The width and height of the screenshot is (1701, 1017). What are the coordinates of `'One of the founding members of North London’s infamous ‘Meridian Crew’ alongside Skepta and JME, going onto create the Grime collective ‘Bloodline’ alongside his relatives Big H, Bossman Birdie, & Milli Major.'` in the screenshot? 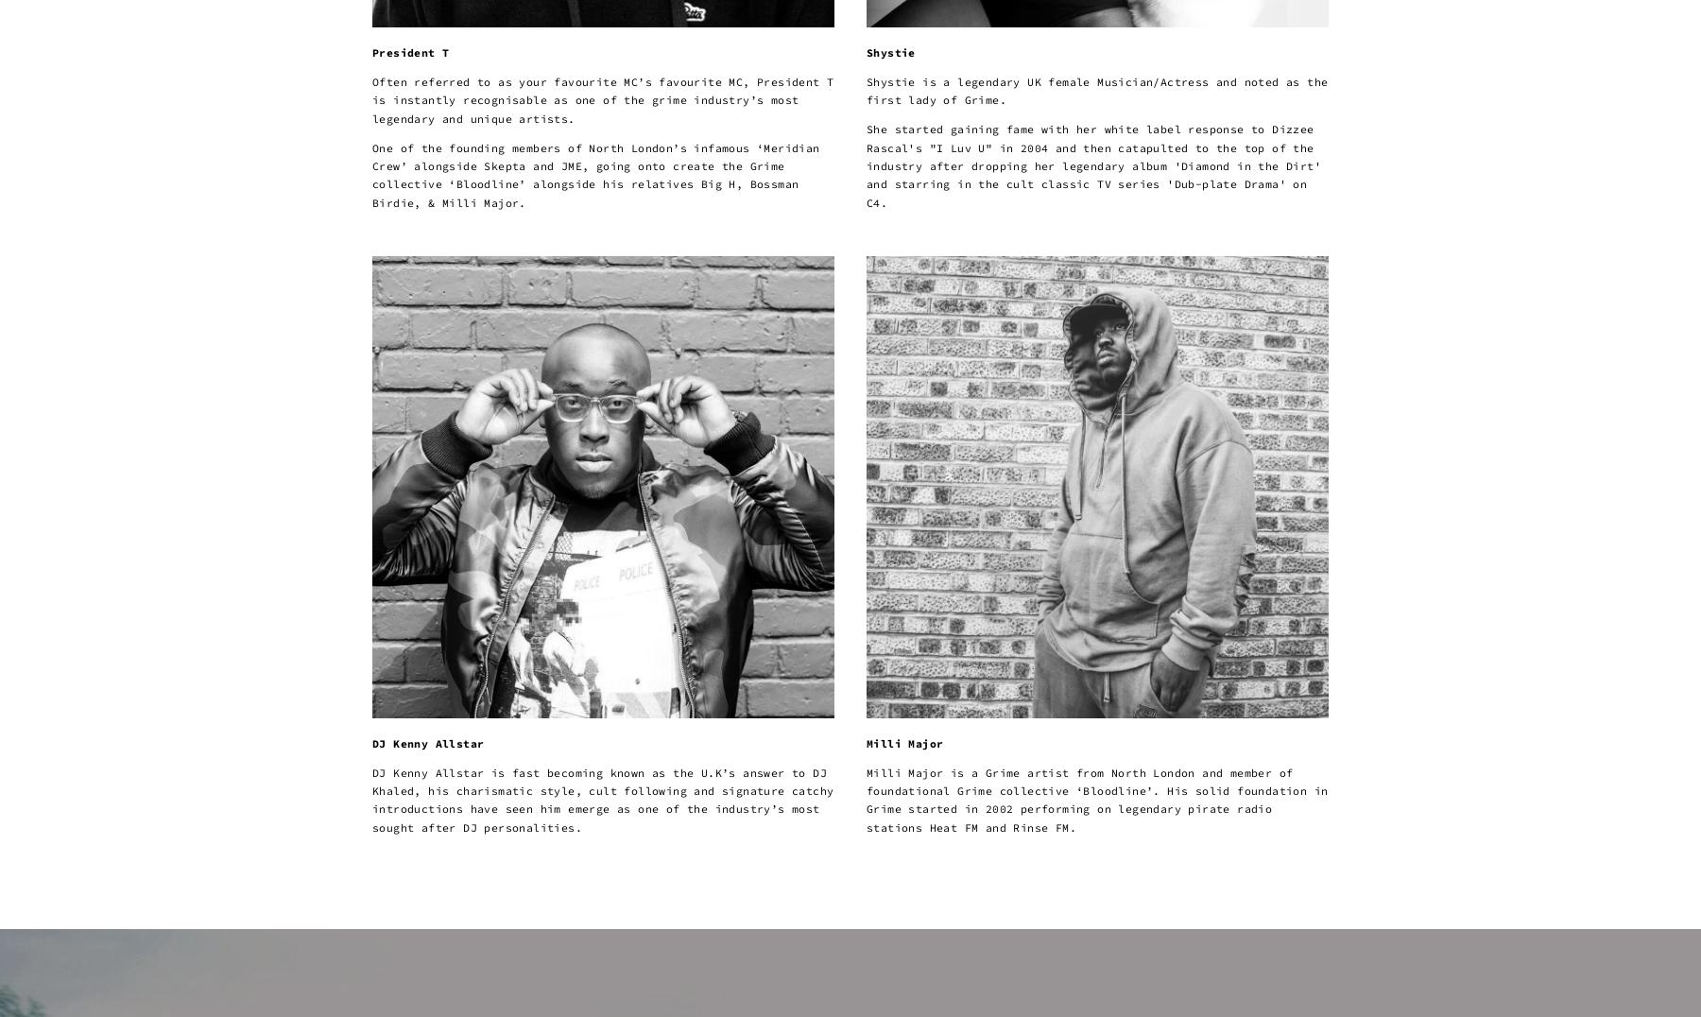 It's located at (372, 173).